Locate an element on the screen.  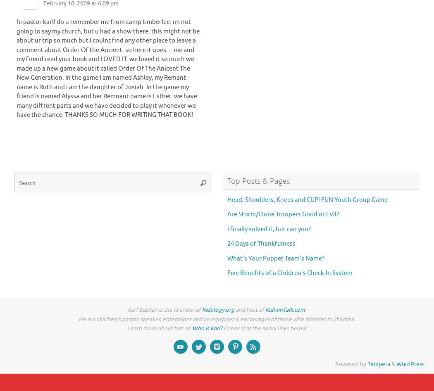
'&' is located at coordinates (393, 364).